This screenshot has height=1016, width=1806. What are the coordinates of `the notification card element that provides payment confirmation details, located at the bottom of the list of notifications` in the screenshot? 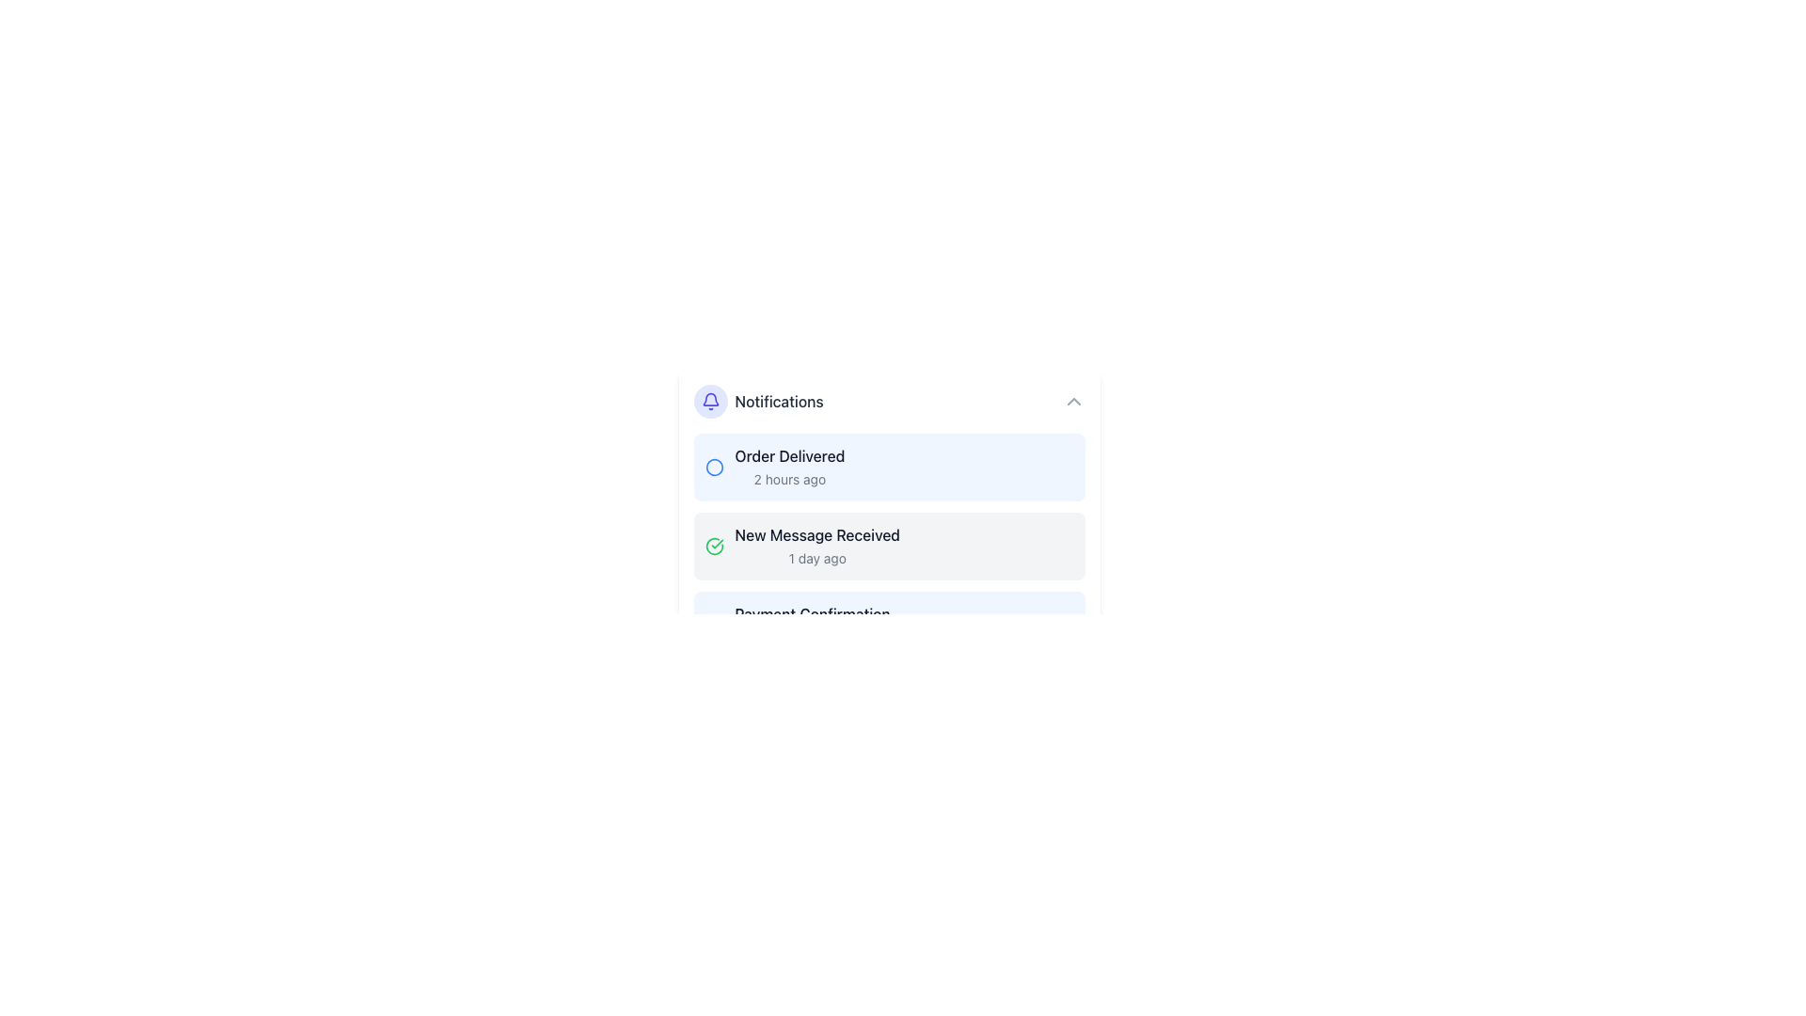 It's located at (798, 625).